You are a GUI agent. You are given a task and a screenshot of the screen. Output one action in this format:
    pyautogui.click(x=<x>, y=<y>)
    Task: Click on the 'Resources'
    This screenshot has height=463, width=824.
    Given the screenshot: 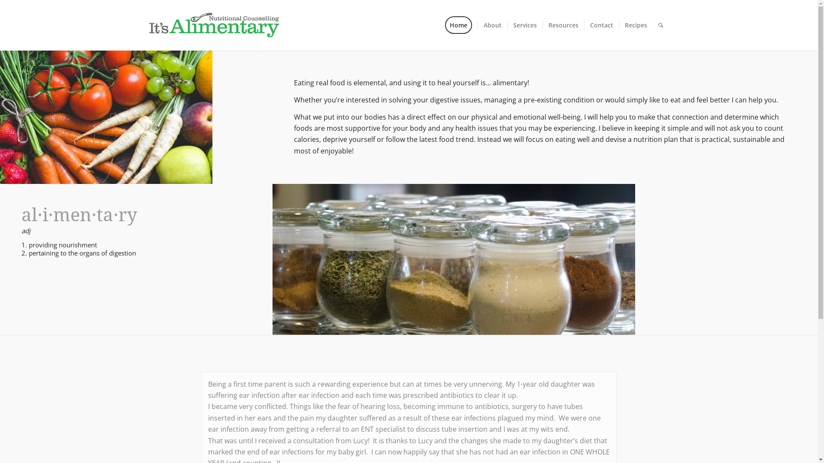 What is the action you would take?
    pyautogui.click(x=563, y=24)
    